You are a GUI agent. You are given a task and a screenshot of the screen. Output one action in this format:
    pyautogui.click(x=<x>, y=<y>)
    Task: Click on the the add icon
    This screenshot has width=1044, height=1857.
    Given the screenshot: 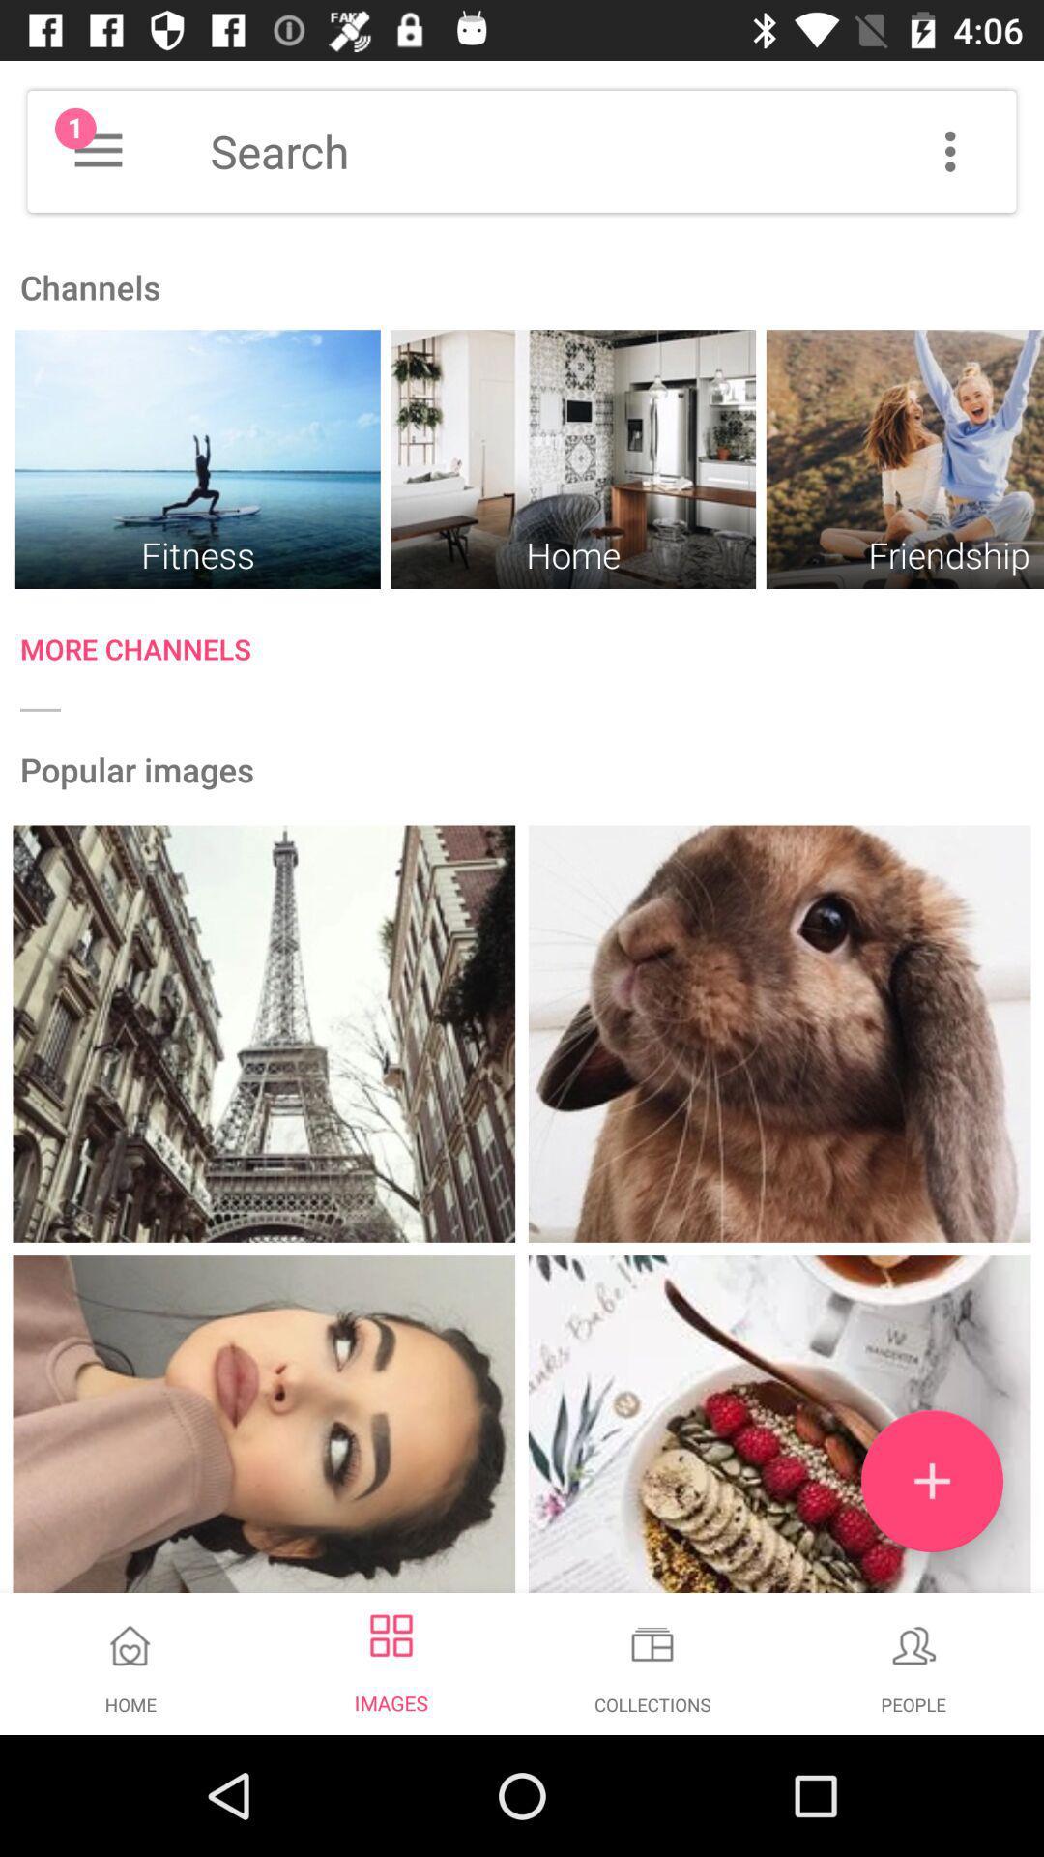 What is the action you would take?
    pyautogui.click(x=931, y=1480)
    